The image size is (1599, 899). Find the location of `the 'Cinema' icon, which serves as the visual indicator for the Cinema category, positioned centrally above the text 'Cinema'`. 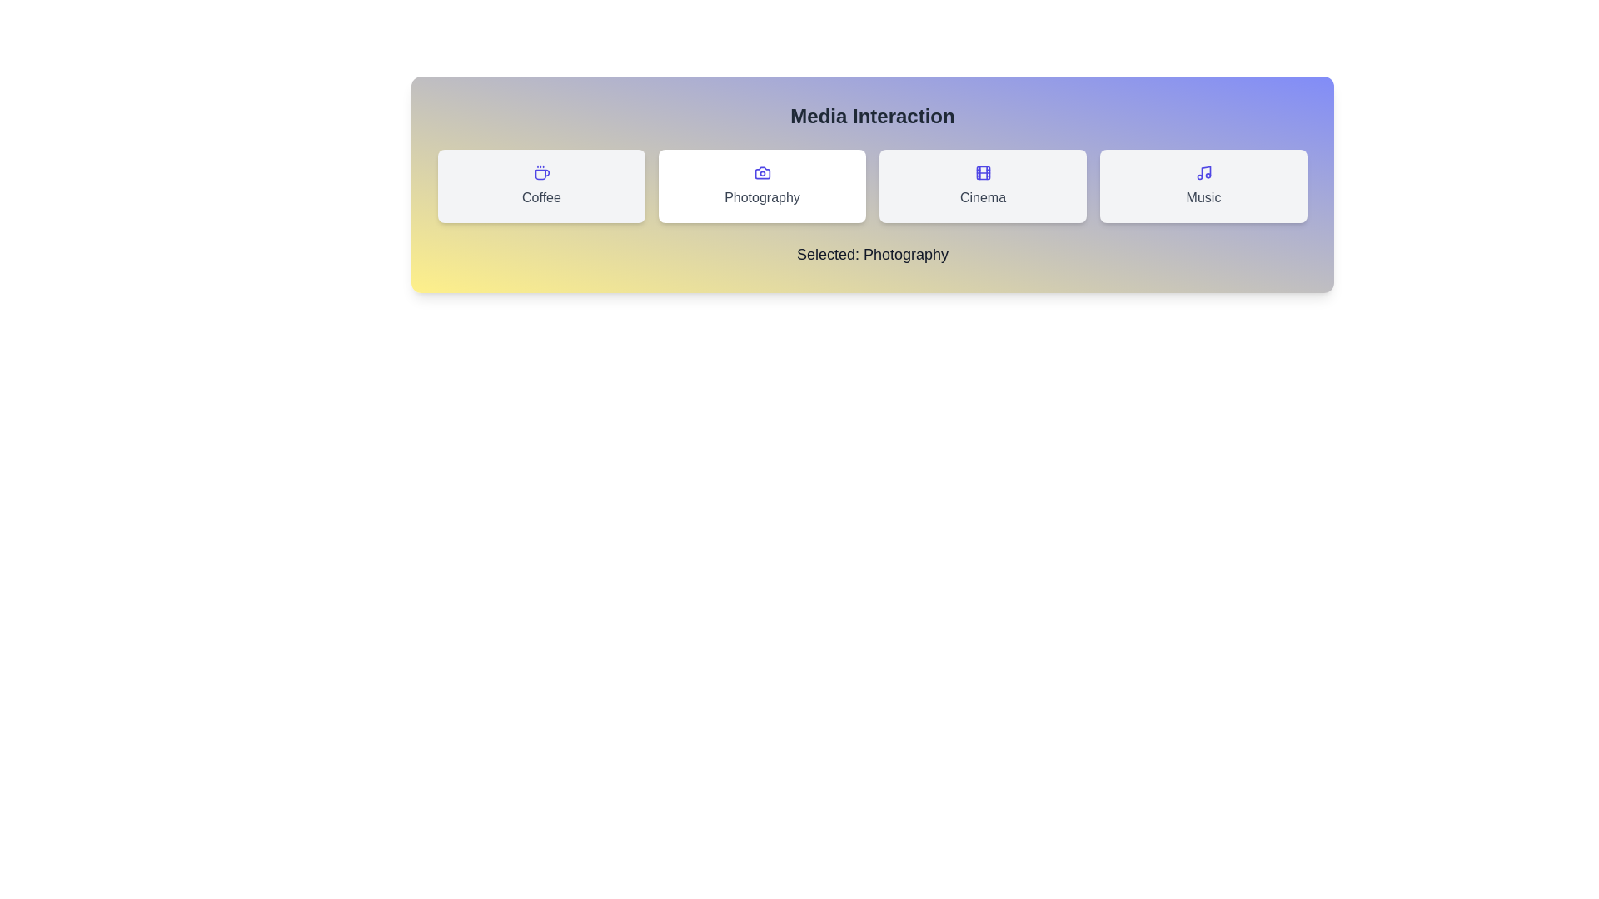

the 'Cinema' icon, which serves as the visual indicator for the Cinema category, positioned centrally above the text 'Cinema' is located at coordinates (983, 173).